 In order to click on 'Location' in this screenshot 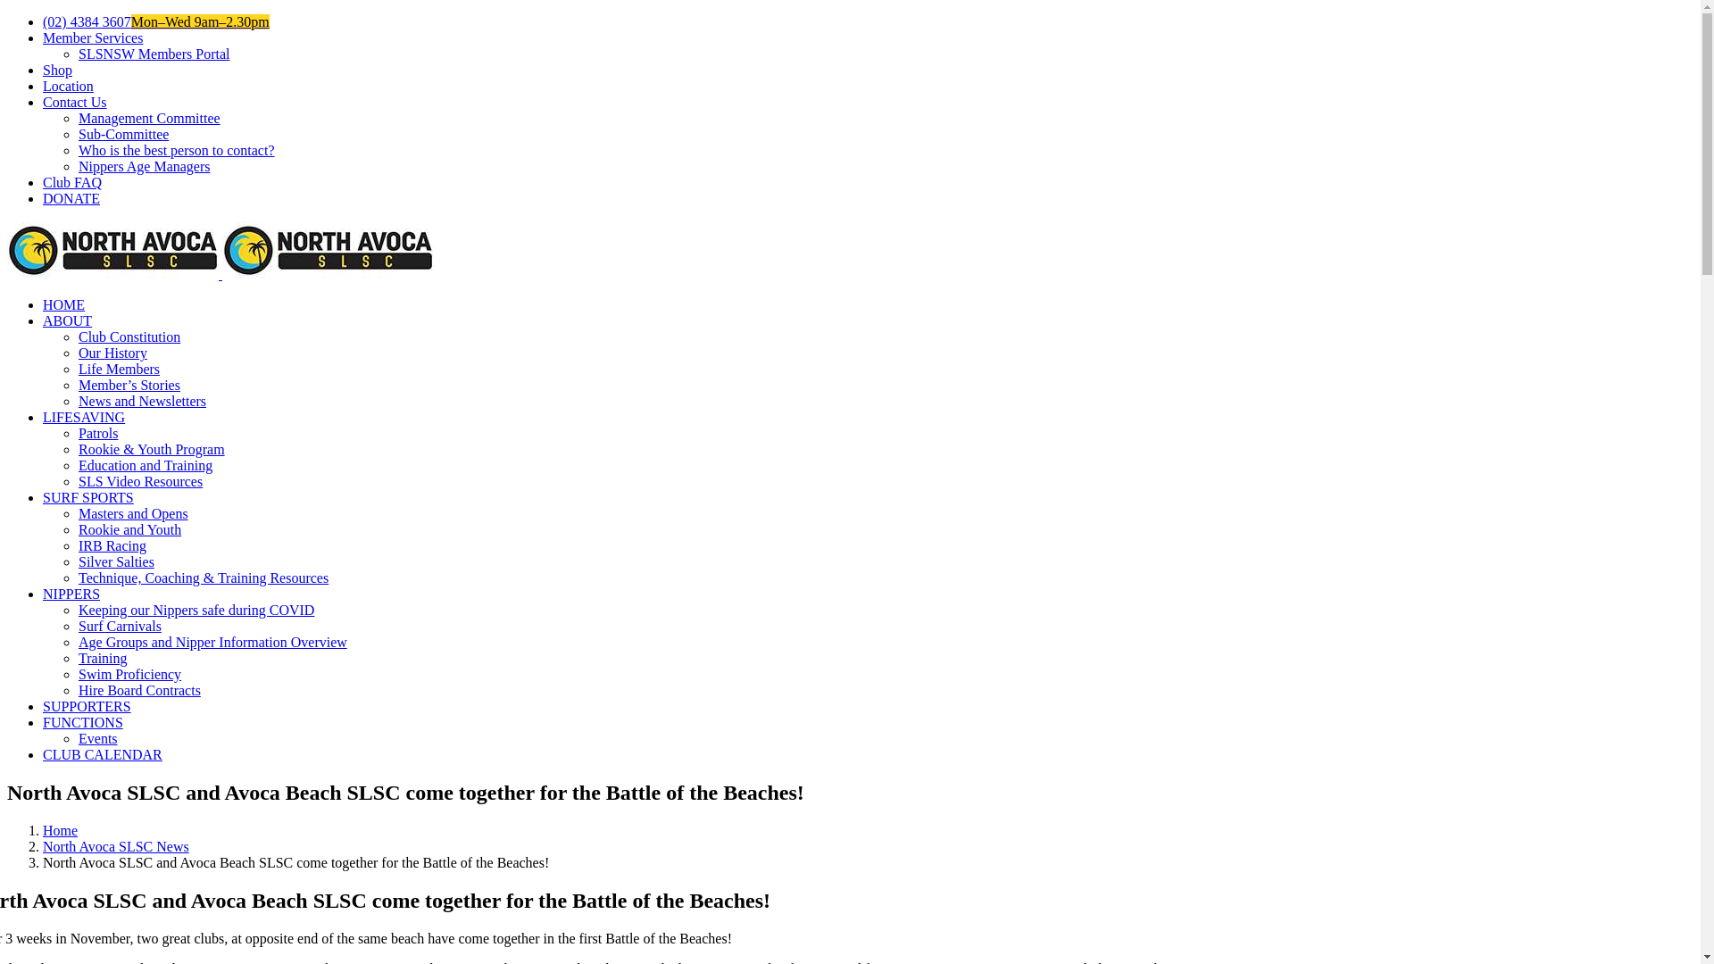, I will do `click(43, 86)`.